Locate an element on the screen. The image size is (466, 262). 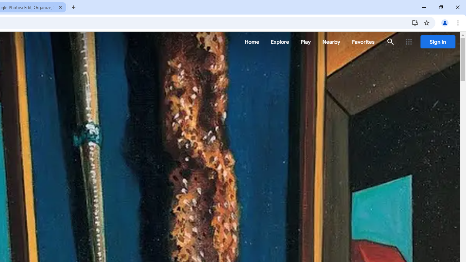
'Nearby' is located at coordinates (331, 42).